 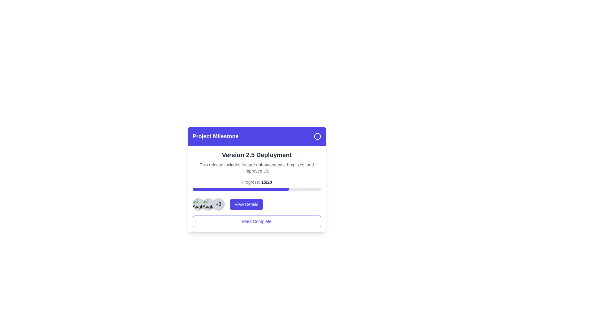 What do you see at coordinates (240, 189) in the screenshot?
I see `the filled section of the progress bar, which is styled in dark indigo and indicates 75% completion, located below the text 'Progress: 15/20' in the 'Project Milestone' section` at bounding box center [240, 189].